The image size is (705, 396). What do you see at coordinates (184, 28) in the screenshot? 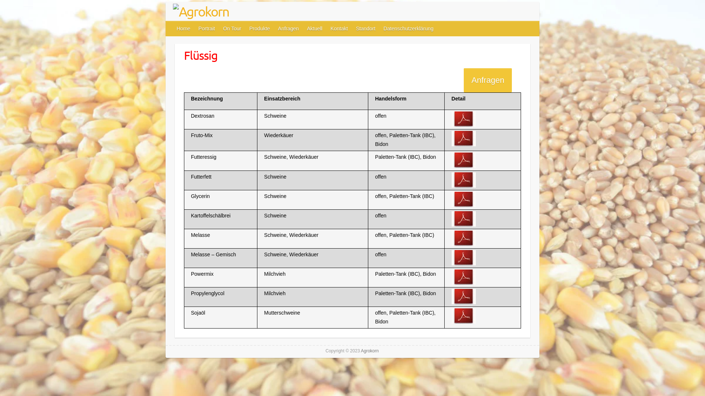
I see `'Home'` at bounding box center [184, 28].